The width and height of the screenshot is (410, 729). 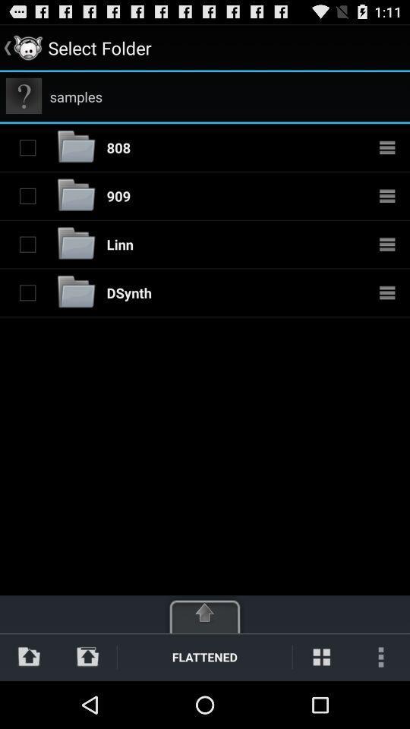 What do you see at coordinates (27, 244) in the screenshot?
I see `folder` at bounding box center [27, 244].